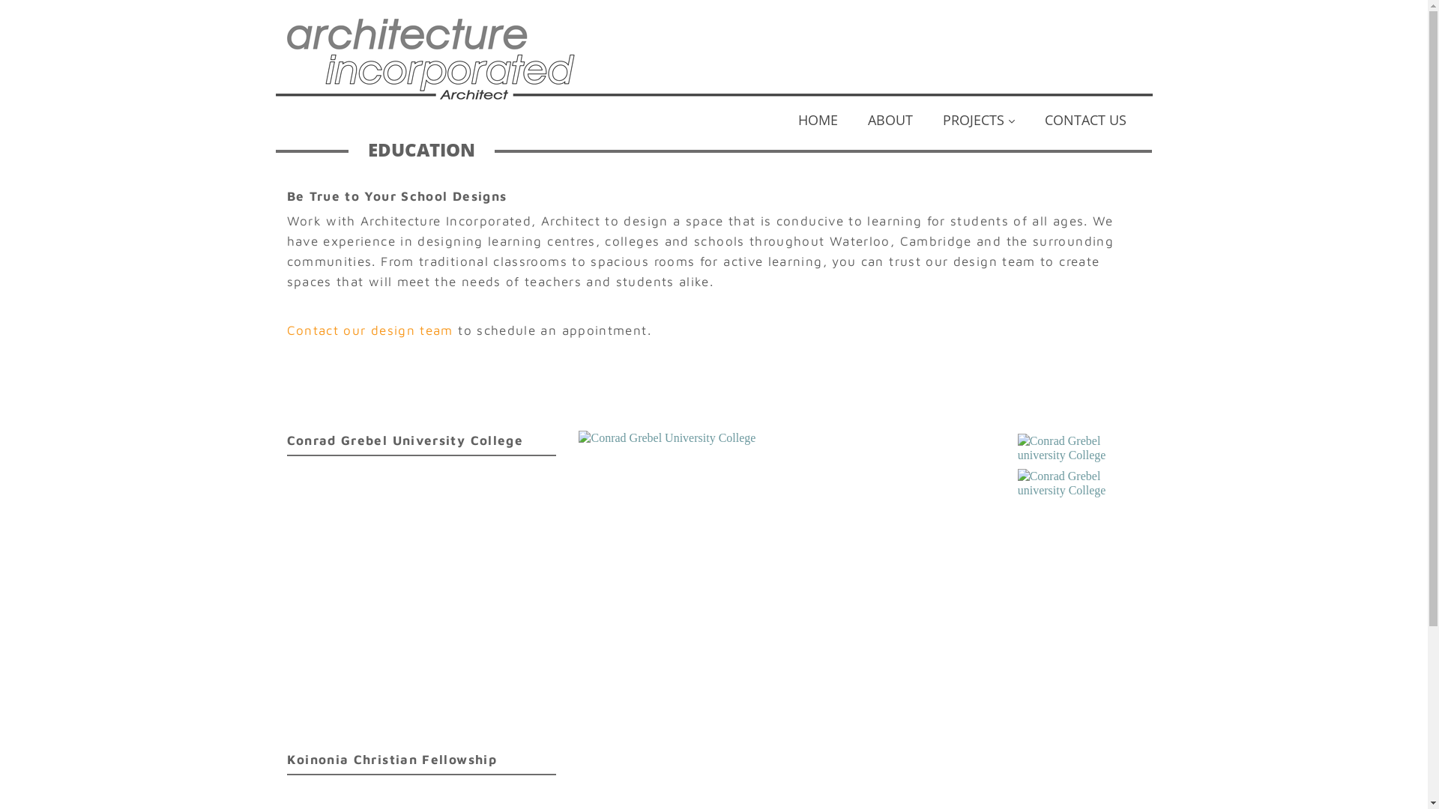  I want to click on 'Contact our design team', so click(369, 328).